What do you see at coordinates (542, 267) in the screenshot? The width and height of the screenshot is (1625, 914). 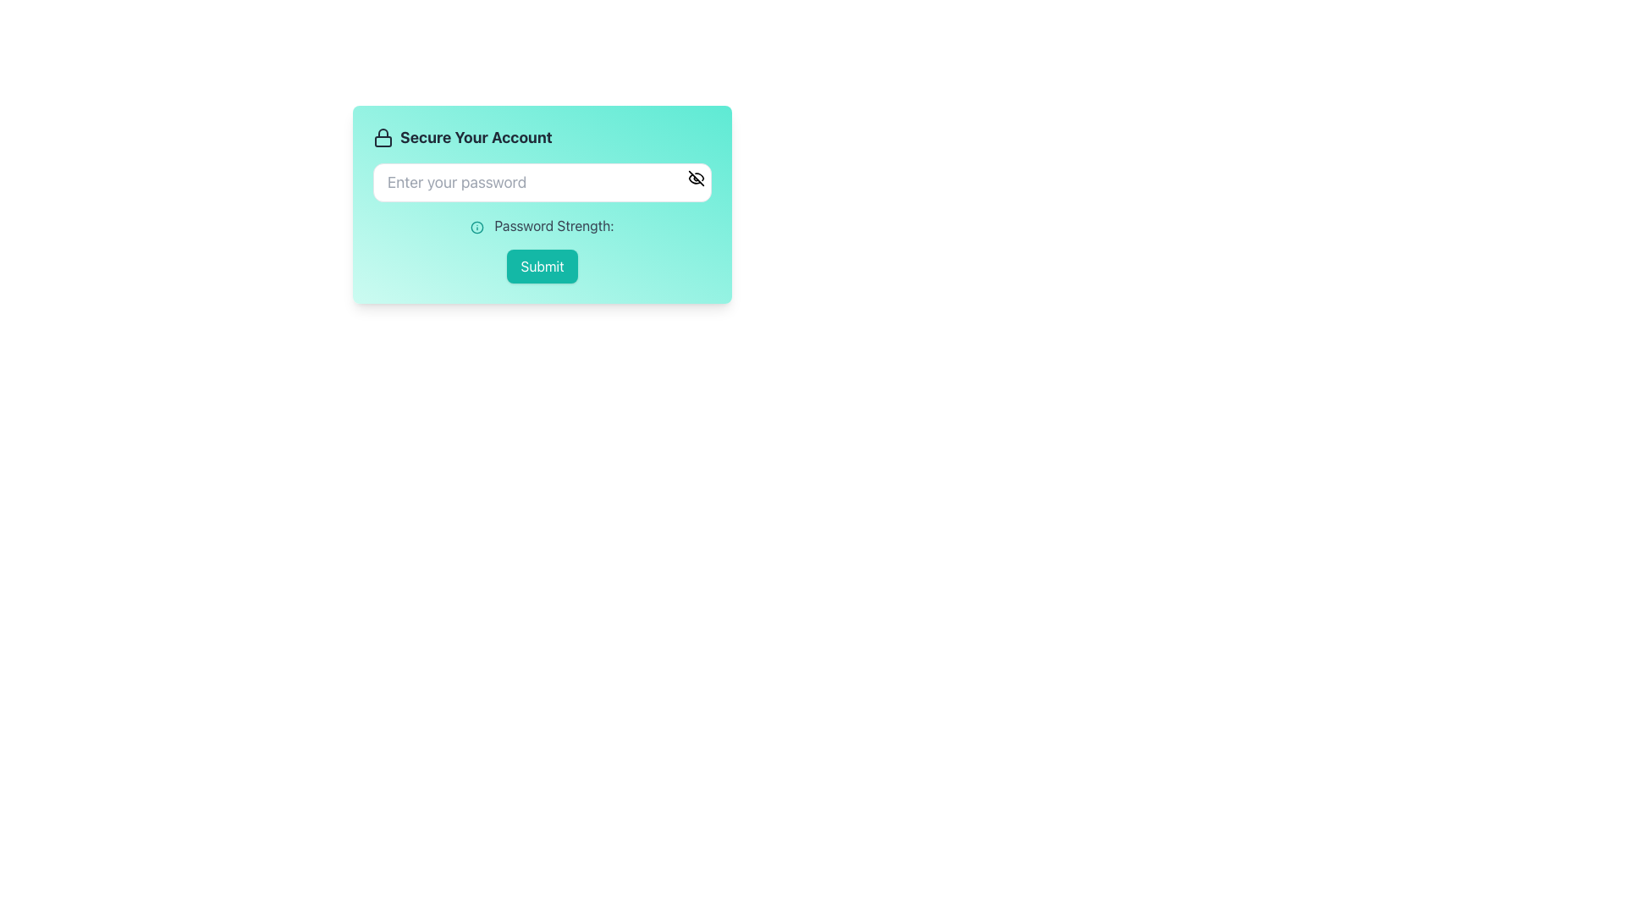 I see `the submit button located in the password management interface to change its background color` at bounding box center [542, 267].